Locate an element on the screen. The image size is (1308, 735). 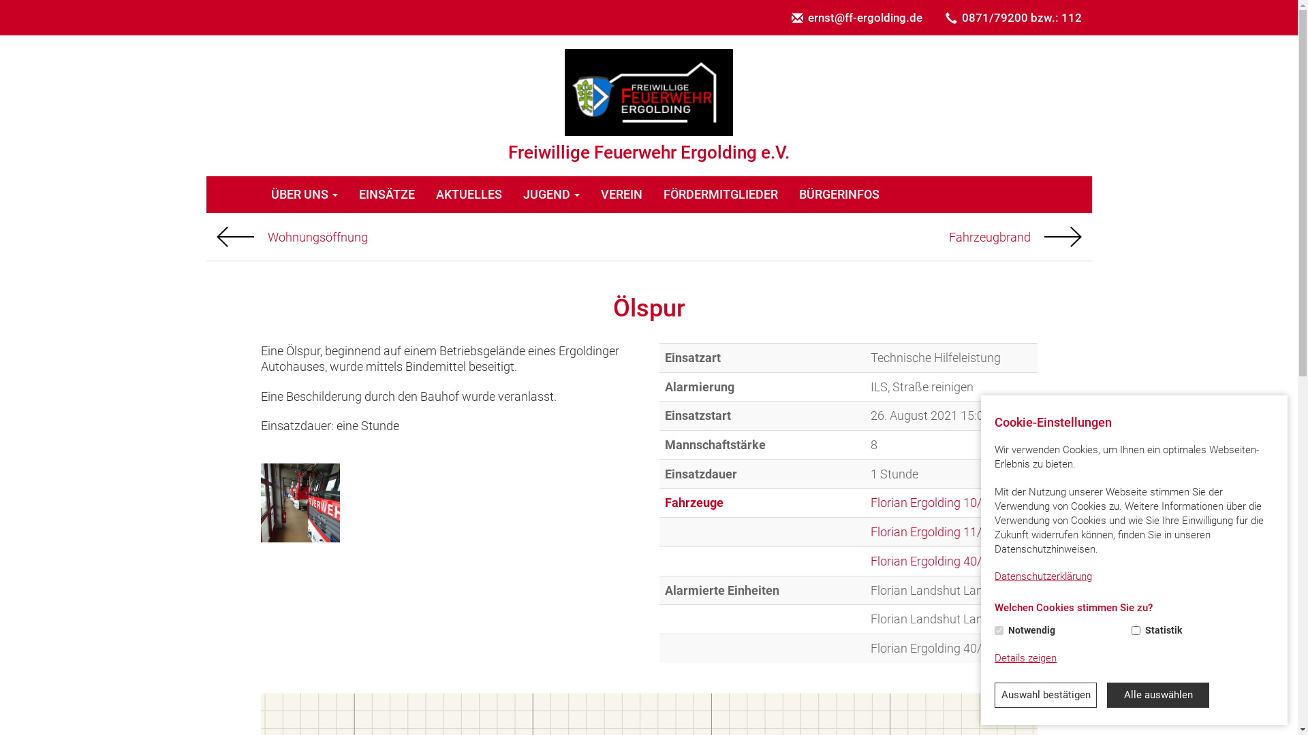
'Florian Ergolding 11/1' is located at coordinates (929, 531).